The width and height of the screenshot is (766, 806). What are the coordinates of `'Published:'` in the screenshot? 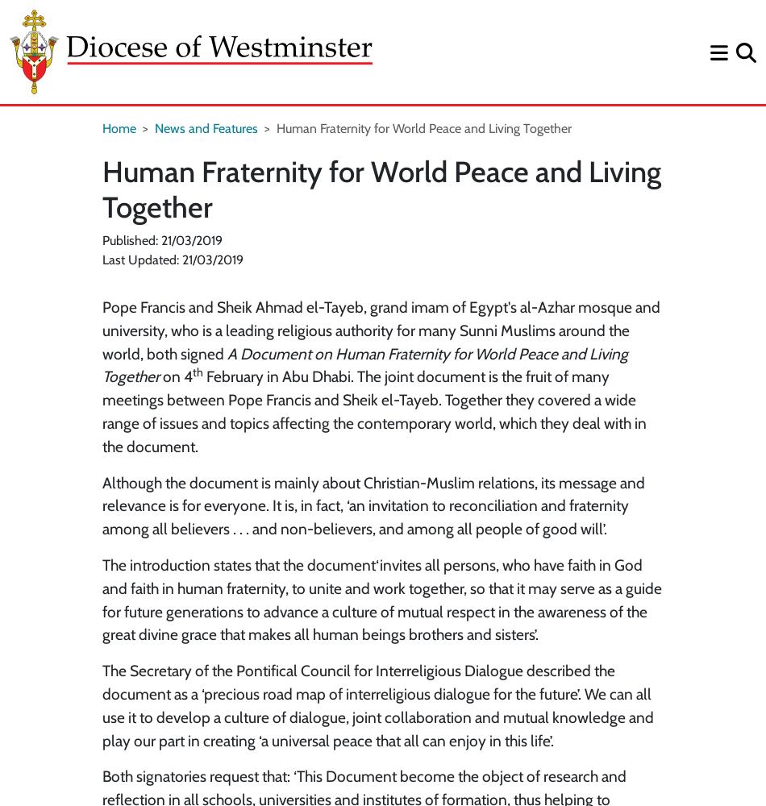 It's located at (130, 240).